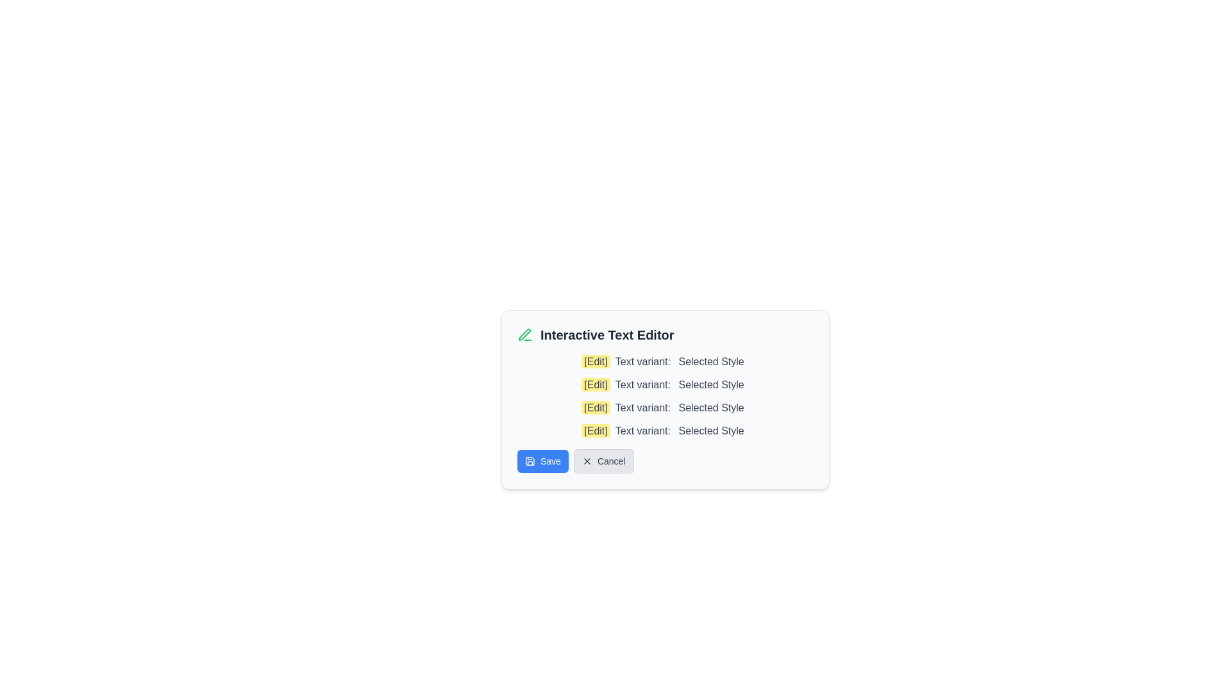 The width and height of the screenshot is (1231, 692). What do you see at coordinates (710, 431) in the screenshot?
I see `the text label displaying the currently chosen text style, located to the immediate right of the '[Edit]' button` at bounding box center [710, 431].